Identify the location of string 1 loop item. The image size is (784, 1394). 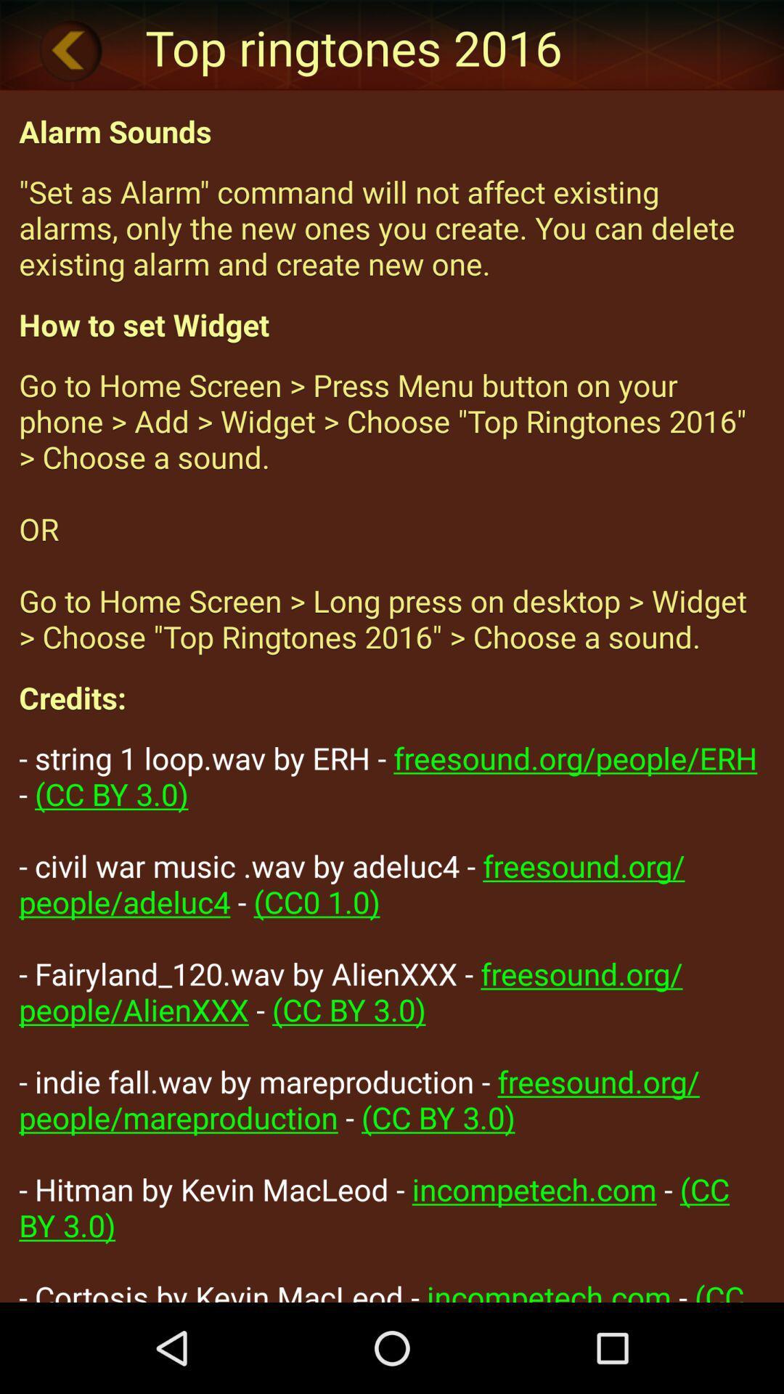
(392, 1019).